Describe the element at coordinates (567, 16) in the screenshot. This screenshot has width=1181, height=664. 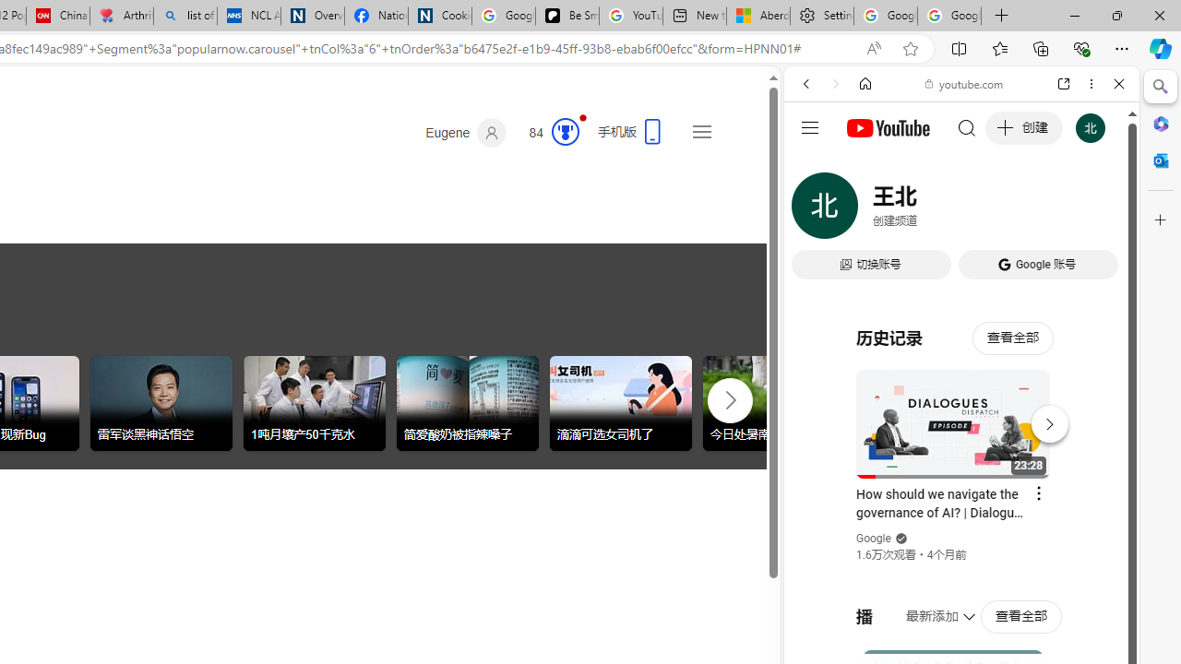
I see `'Be Smart | creating Science videos | Patreon'` at that location.